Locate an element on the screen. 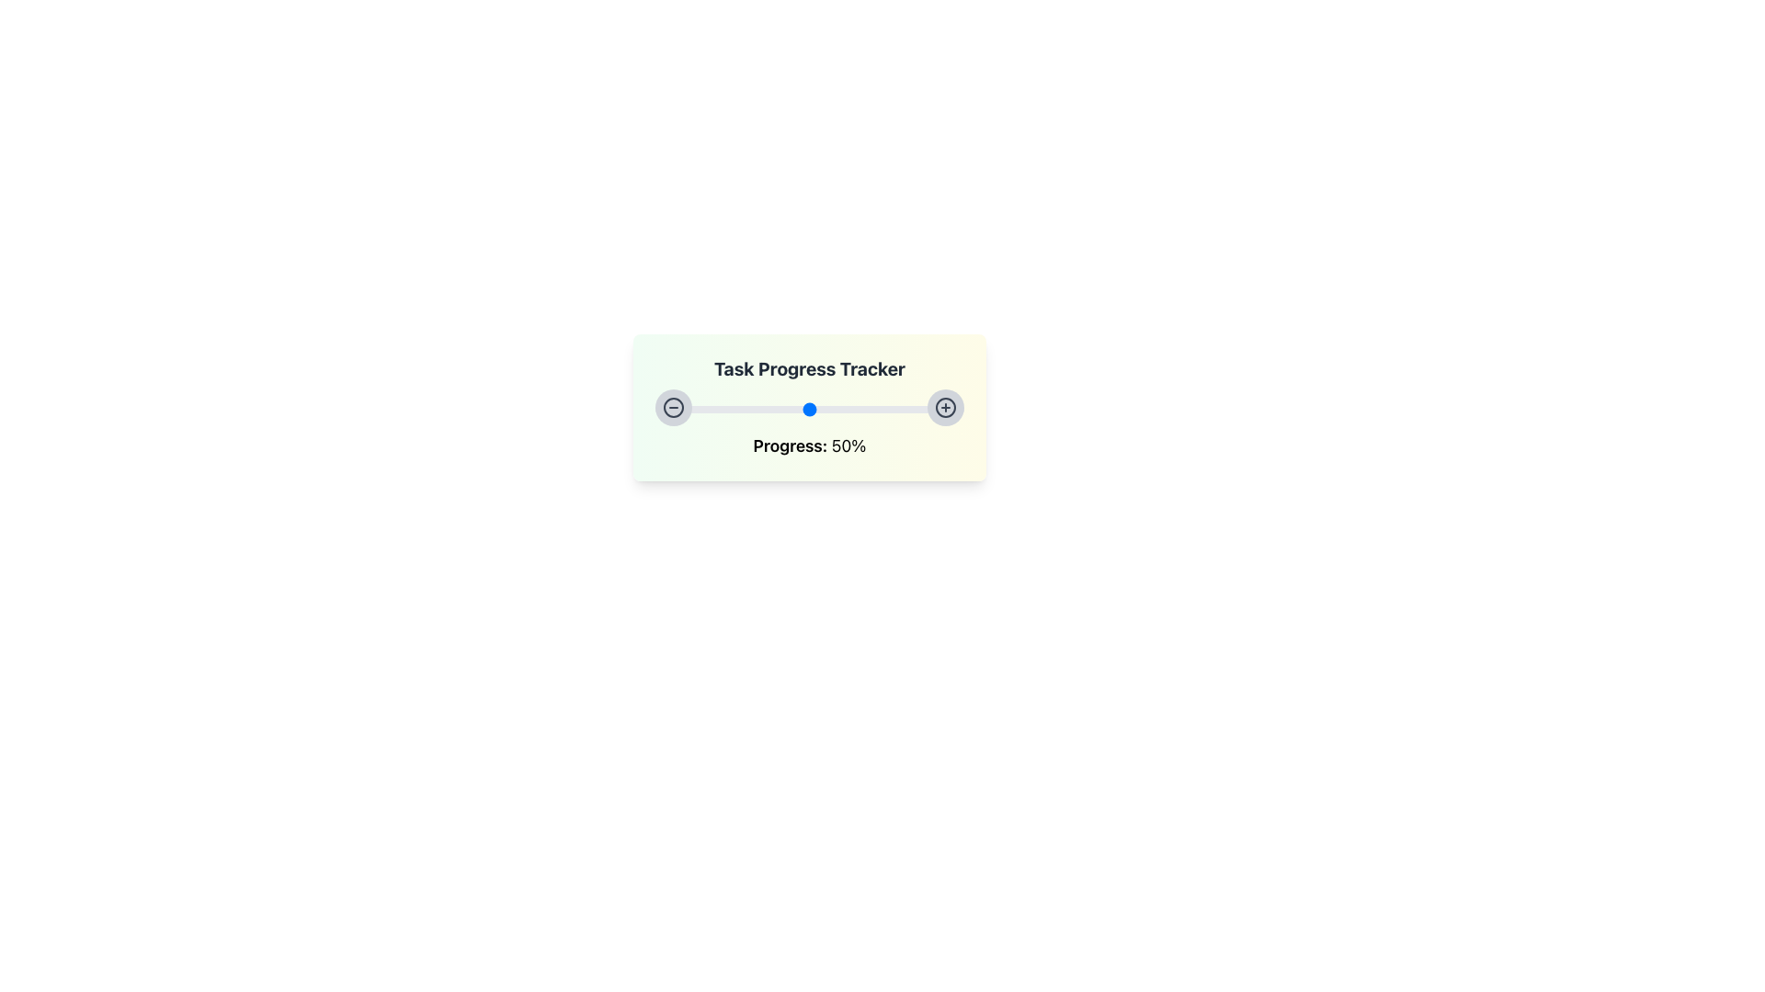 This screenshot has width=1765, height=992. the 'Progress:' text label that displays the text in bold styling, located to the left of the percentage display '50%' is located at coordinates (790, 445).